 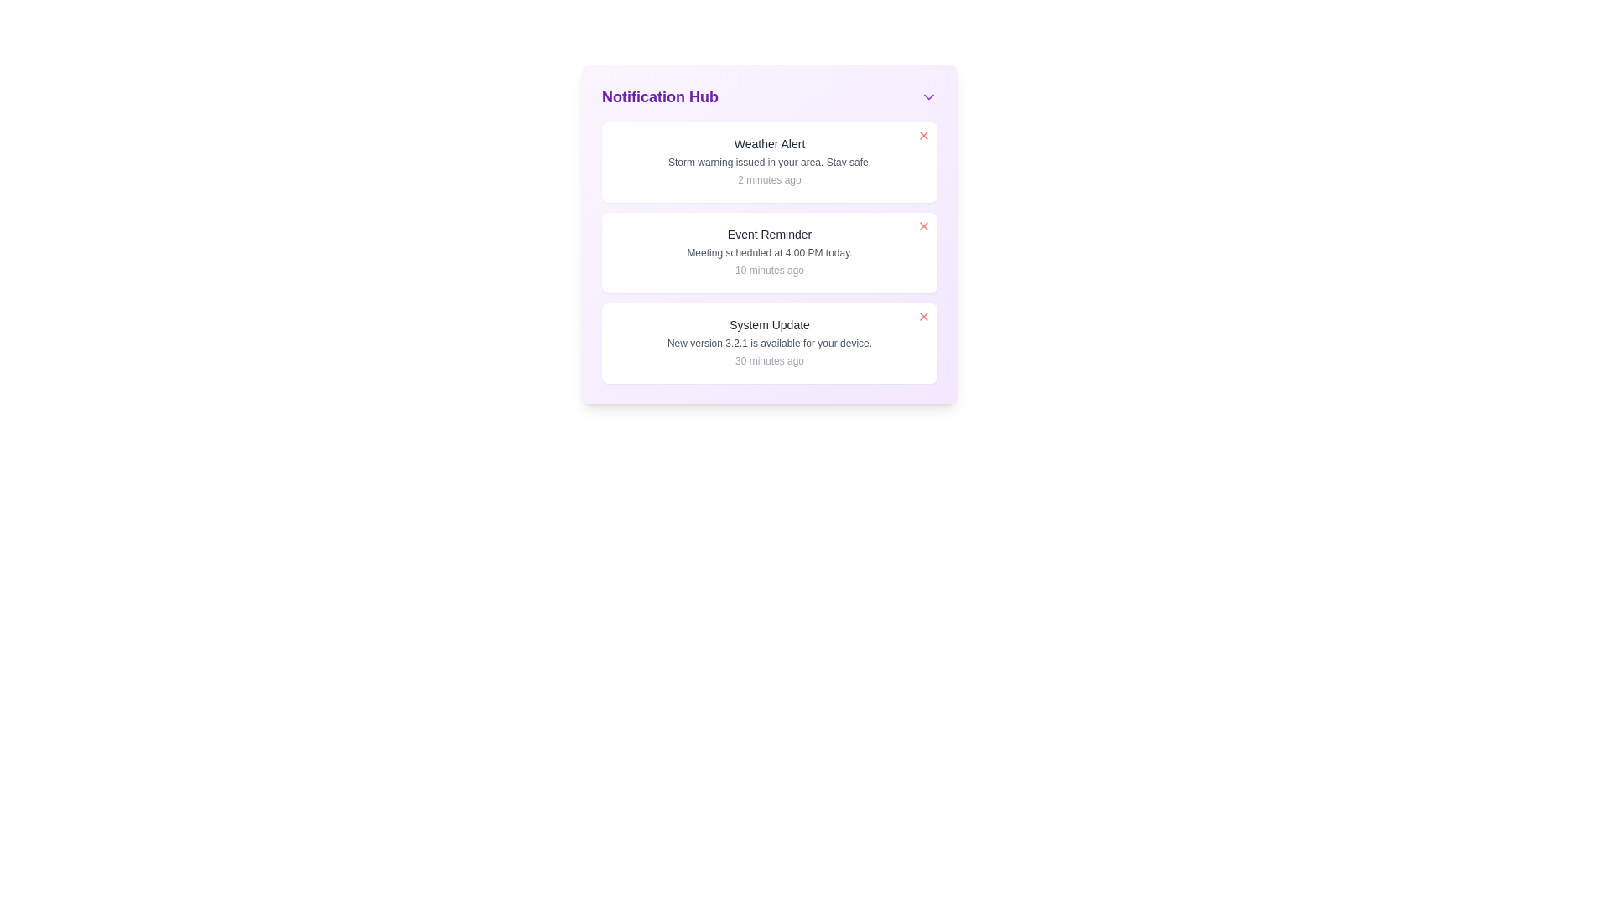 What do you see at coordinates (768, 252) in the screenshot?
I see `notification details from the second notification card, which is positioned centrally in the mid-section below the 'Weather Alert' card and above the 'System Update' card` at bounding box center [768, 252].